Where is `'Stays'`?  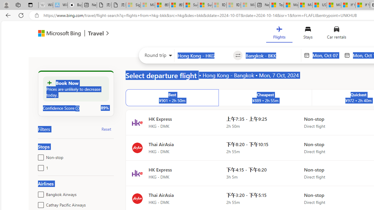
'Stays' is located at coordinates (308, 34).